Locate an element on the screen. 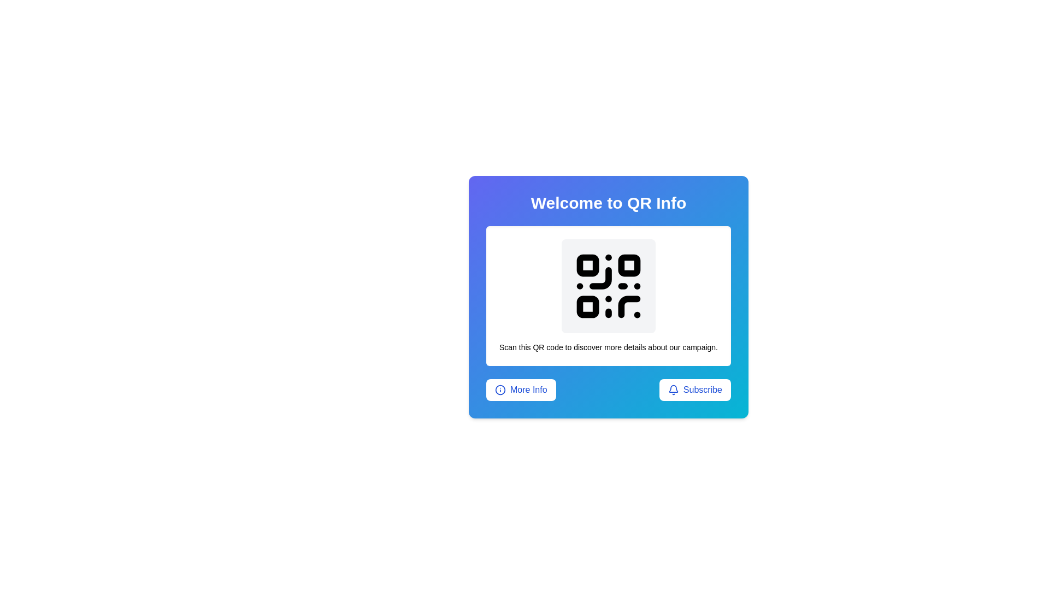  the 'More Info' button with a white background and blue text that features rounded corners and an information icon is located at coordinates (520, 389).